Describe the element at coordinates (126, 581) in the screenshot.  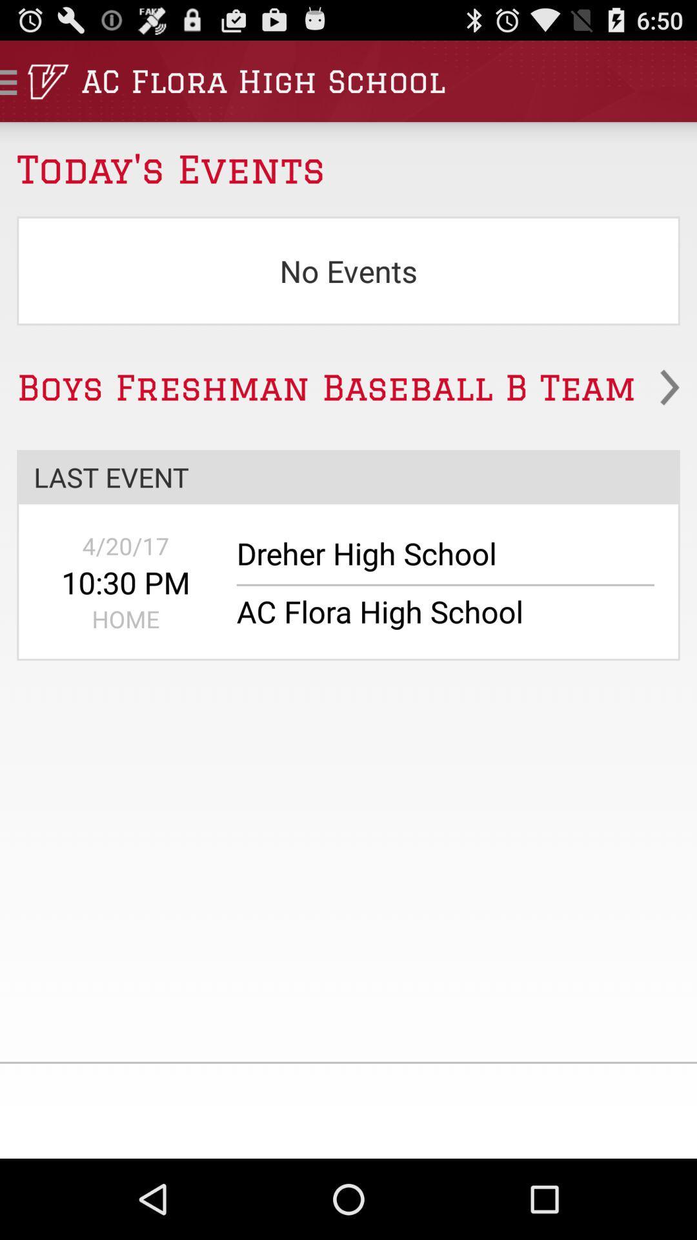
I see `app above the home app` at that location.